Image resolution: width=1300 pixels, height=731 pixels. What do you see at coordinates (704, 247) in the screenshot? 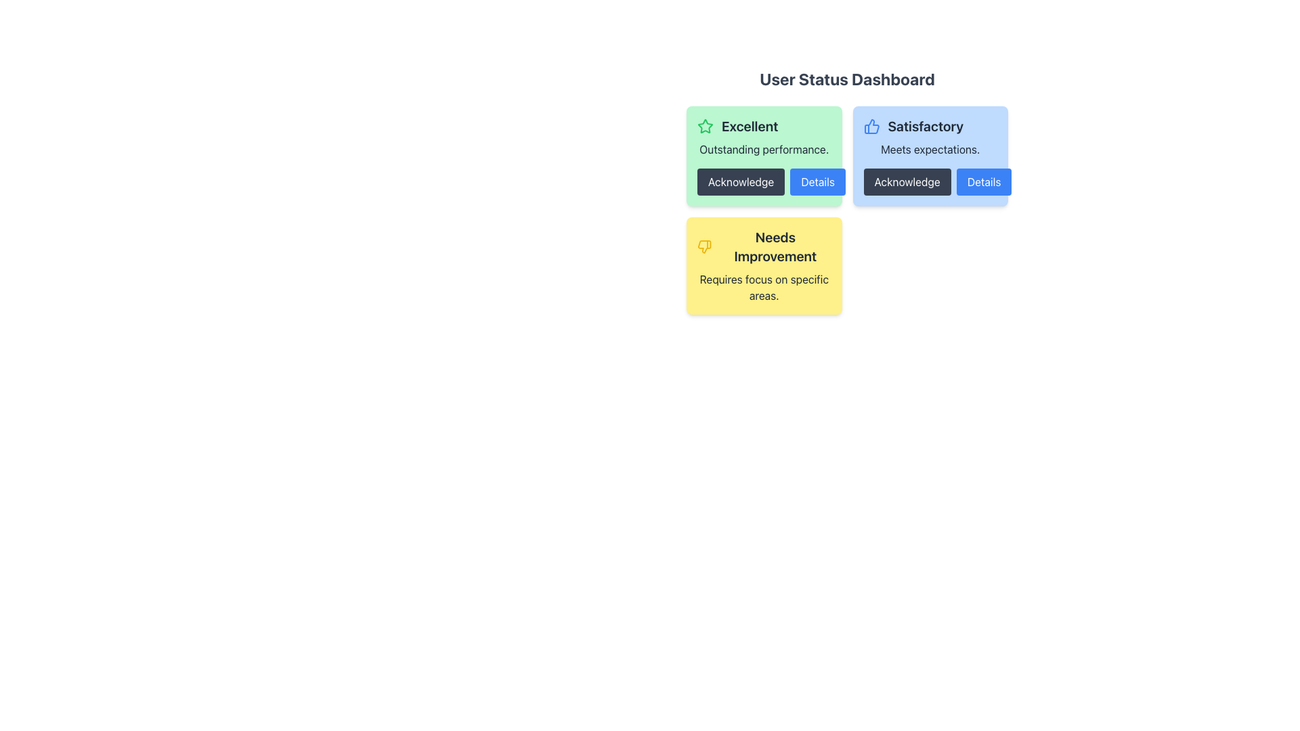
I see `the yellow abstract icon located in the second position of the 'Needs Improvement' card on the User Status Dashboard` at bounding box center [704, 247].